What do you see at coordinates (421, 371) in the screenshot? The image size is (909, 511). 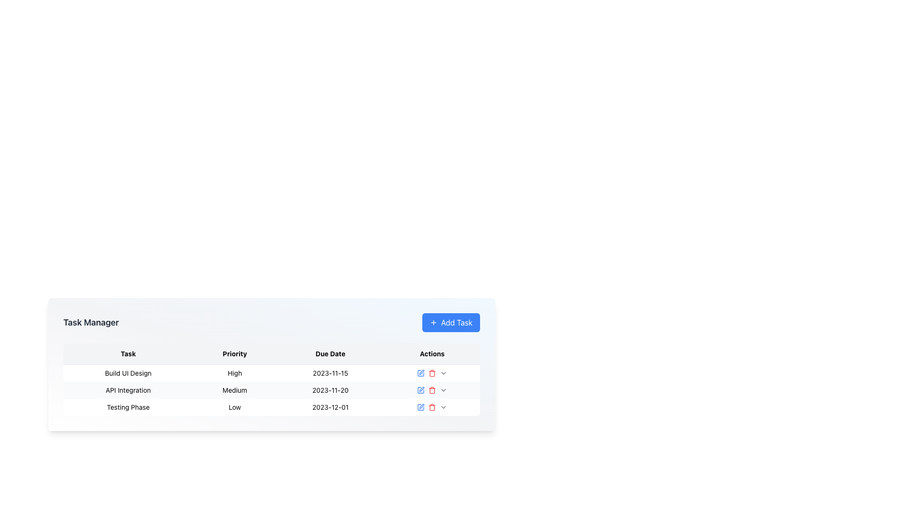 I see `the edit icon located in the 'Actions' column next to the 'Build UI Design' row` at bounding box center [421, 371].